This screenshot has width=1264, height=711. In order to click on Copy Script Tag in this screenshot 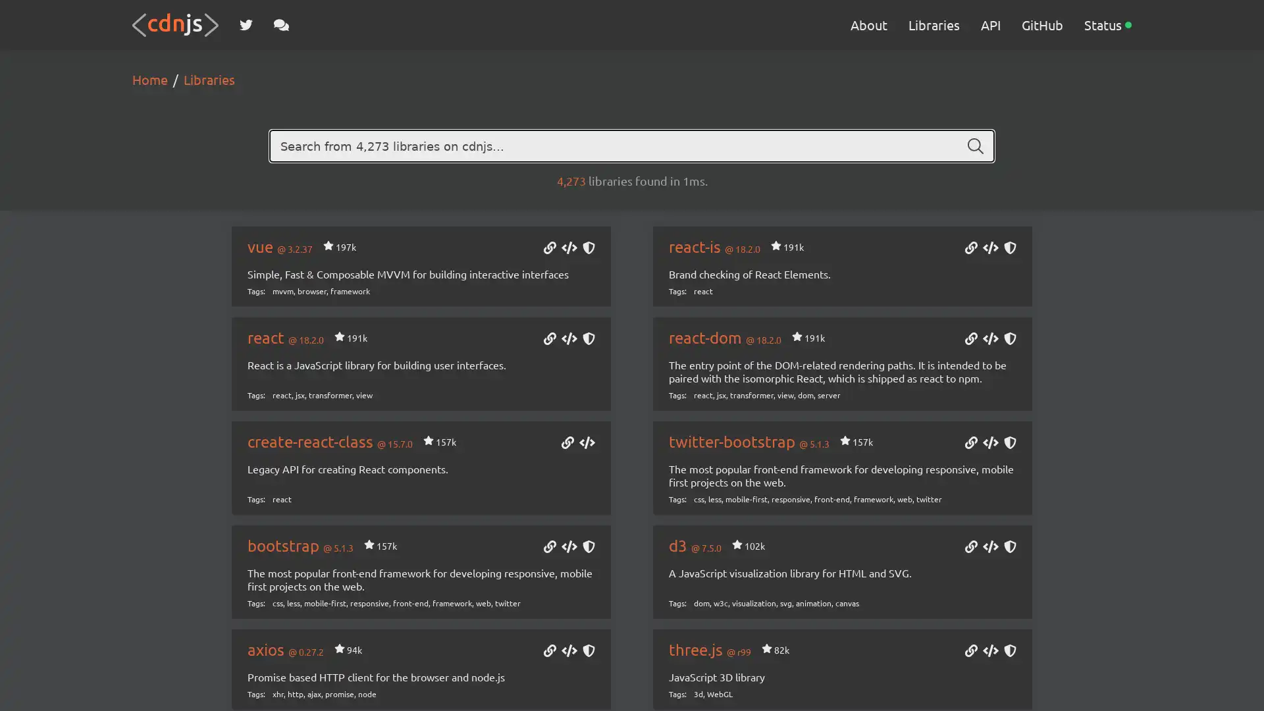, I will do `click(569, 548)`.